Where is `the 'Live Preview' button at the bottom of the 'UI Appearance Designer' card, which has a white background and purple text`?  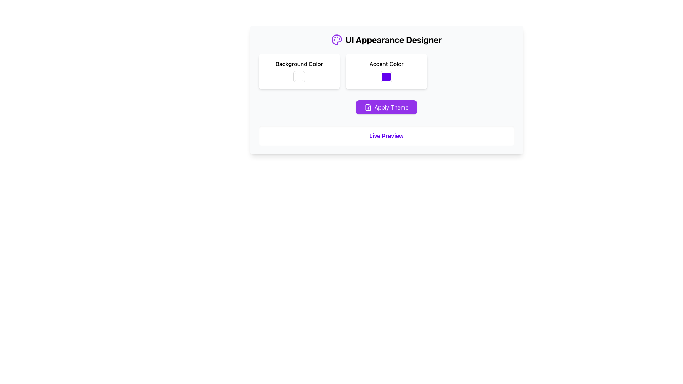 the 'Live Preview' button at the bottom of the 'UI Appearance Designer' card, which has a white background and purple text is located at coordinates (386, 135).